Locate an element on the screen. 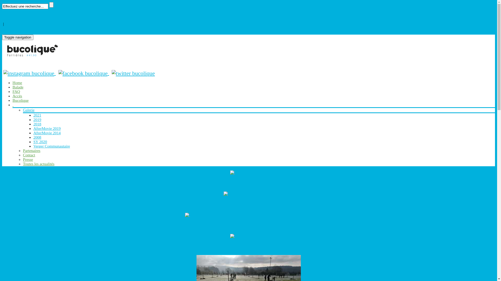 Image resolution: width=501 pixels, height=281 pixels. 'AfterMovie 2014' is located at coordinates (230, 236).